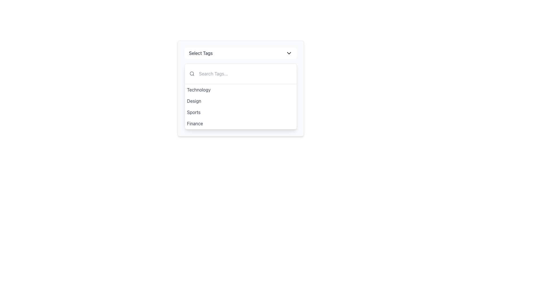 The width and height of the screenshot is (542, 304). What do you see at coordinates (241, 53) in the screenshot?
I see `the dropdown selector toggle for tags` at bounding box center [241, 53].